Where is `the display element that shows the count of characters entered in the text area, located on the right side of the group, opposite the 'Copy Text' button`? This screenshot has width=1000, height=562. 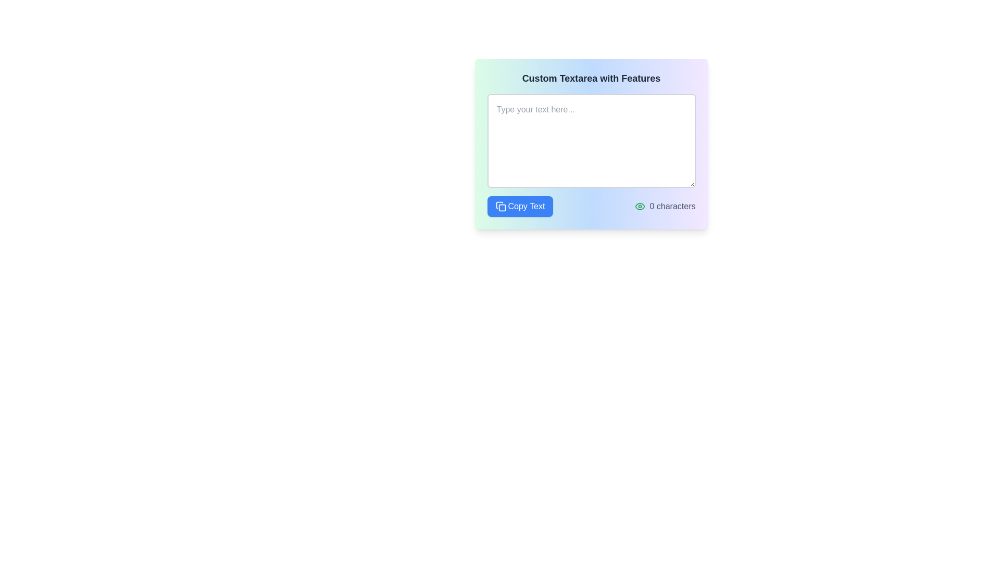
the display element that shows the count of characters entered in the text area, located on the right side of the group, opposite the 'Copy Text' button is located at coordinates (665, 207).